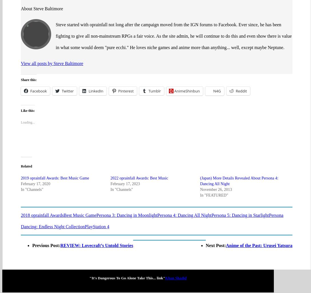  Describe the element at coordinates (176, 255) in the screenshot. I see `'Khan Shadid'` at that location.